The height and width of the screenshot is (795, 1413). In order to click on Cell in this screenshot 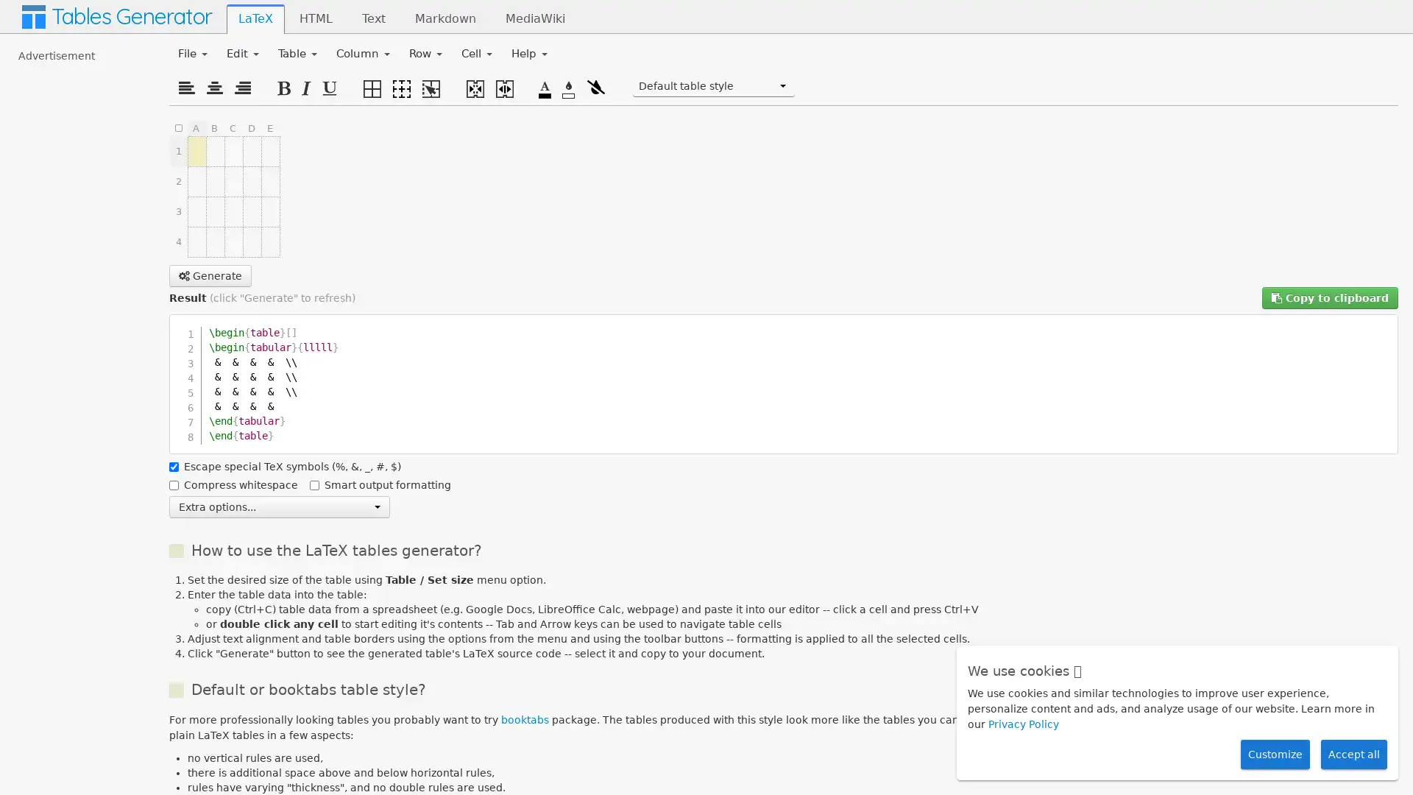, I will do `click(477, 53)`.